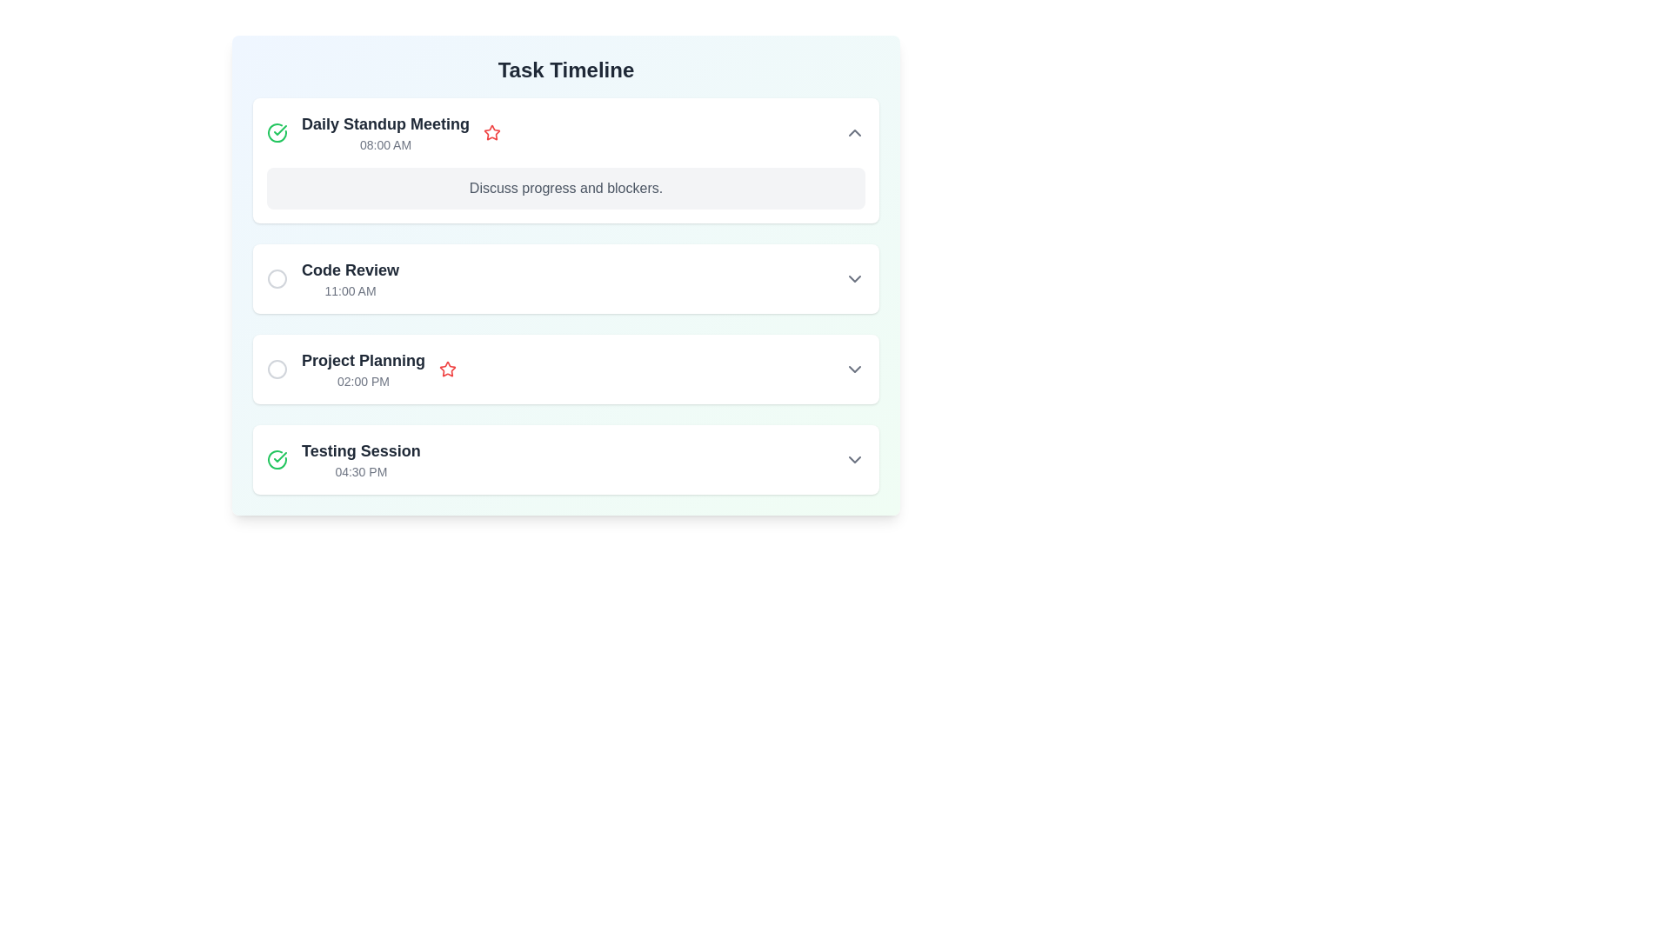 This screenshot has height=939, width=1670. What do you see at coordinates (344, 458) in the screenshot?
I see `the Label with icon and text that displays 'Testing Session' and '04:30 PM', which includes a green checkmark icon, located in the 'Task Timeline' card` at bounding box center [344, 458].